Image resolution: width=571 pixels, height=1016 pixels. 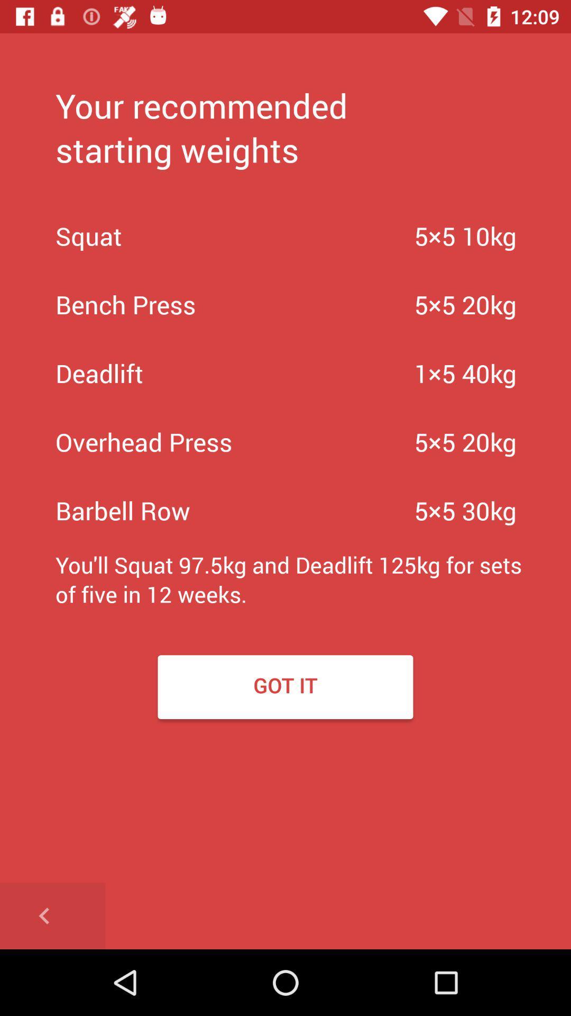 I want to click on icon below the you ll squat, so click(x=52, y=915).